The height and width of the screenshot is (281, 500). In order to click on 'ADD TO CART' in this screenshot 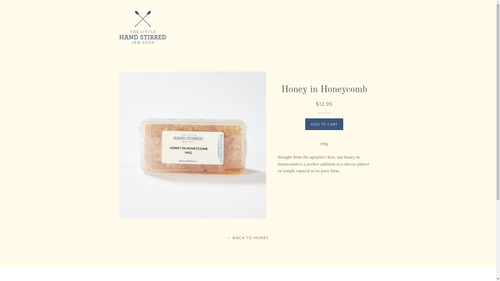, I will do `click(305, 124)`.